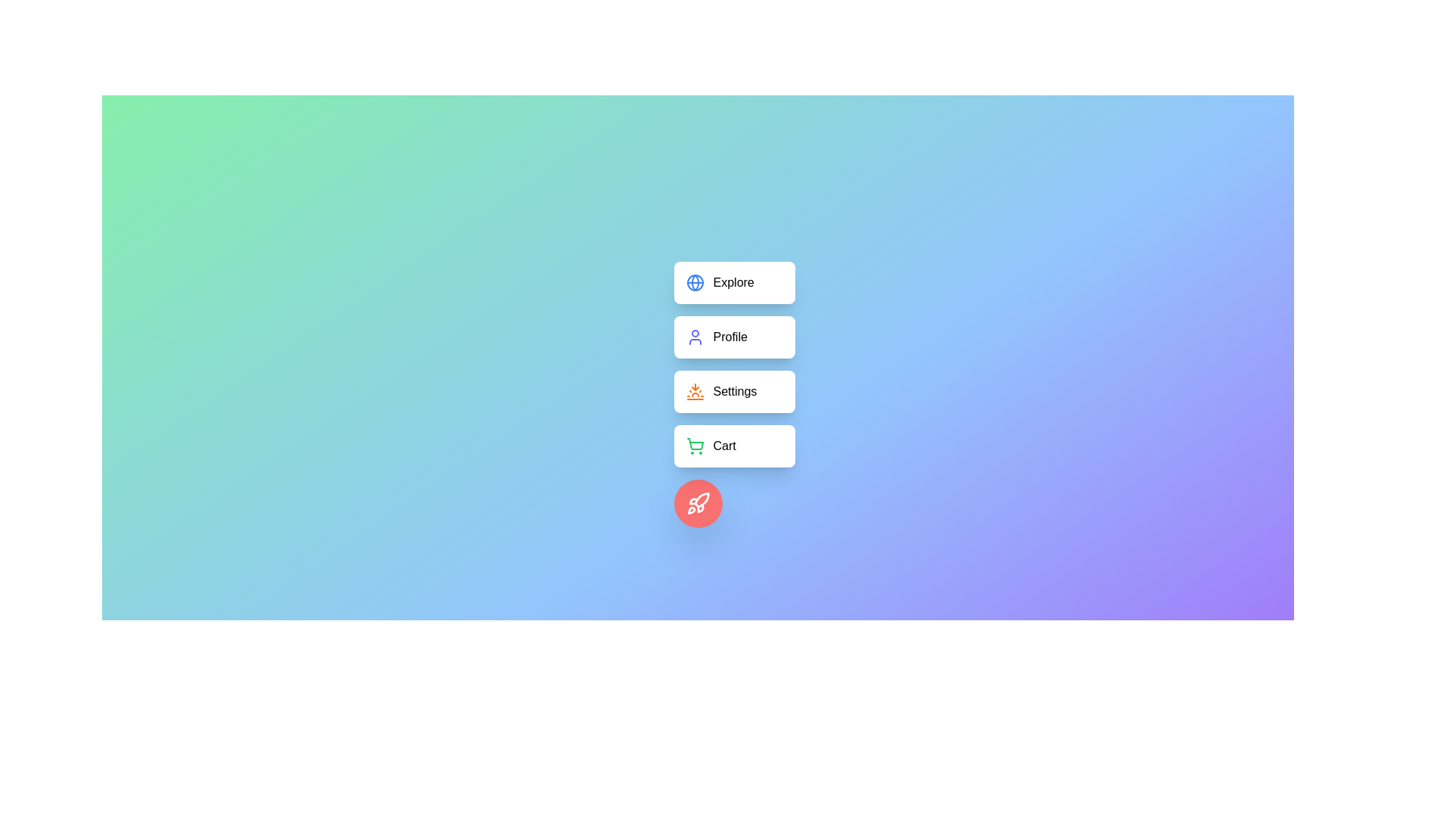  What do you see at coordinates (734, 283) in the screenshot?
I see `the 'Explore' button to select the option` at bounding box center [734, 283].